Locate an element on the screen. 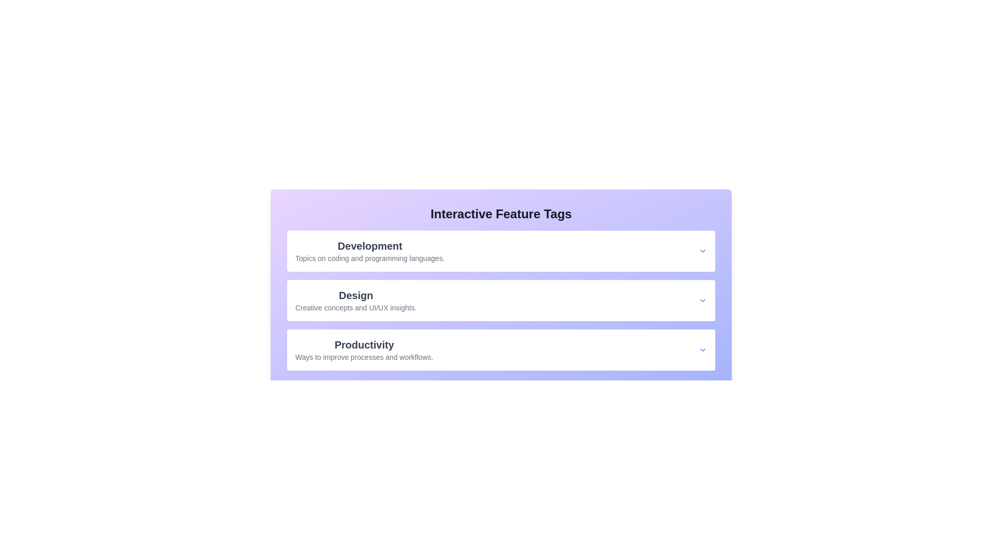  the bold heading 'Interactive Feature Tags' which is prominently displayed at the top of its section with a gradient background is located at coordinates (501, 214).